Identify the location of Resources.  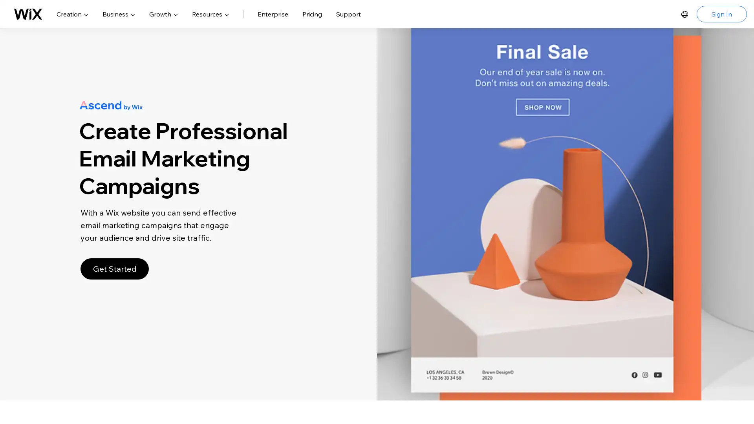
(210, 13).